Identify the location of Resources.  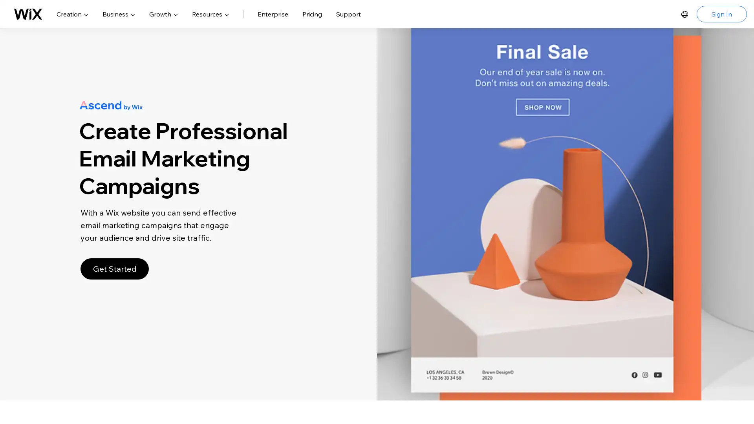
(210, 13).